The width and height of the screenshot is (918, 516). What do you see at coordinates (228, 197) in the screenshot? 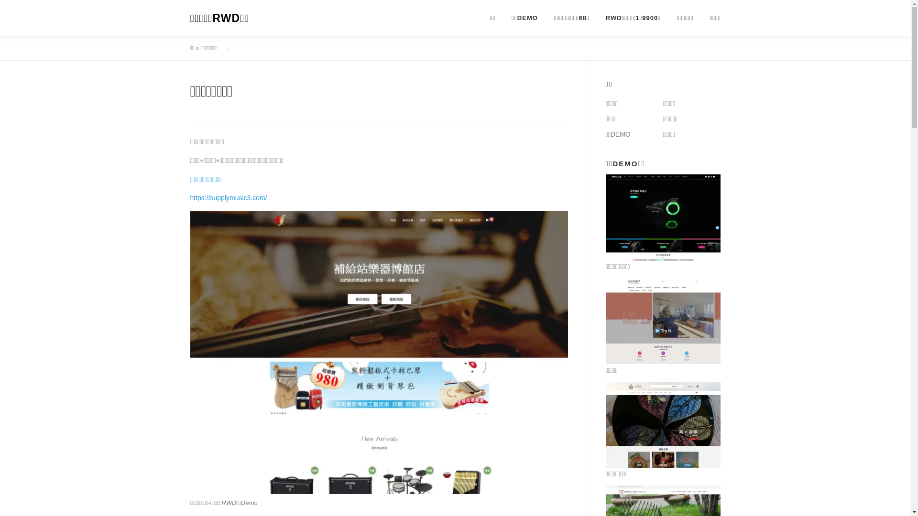
I see `'https://supplymusic3.com/'` at bounding box center [228, 197].